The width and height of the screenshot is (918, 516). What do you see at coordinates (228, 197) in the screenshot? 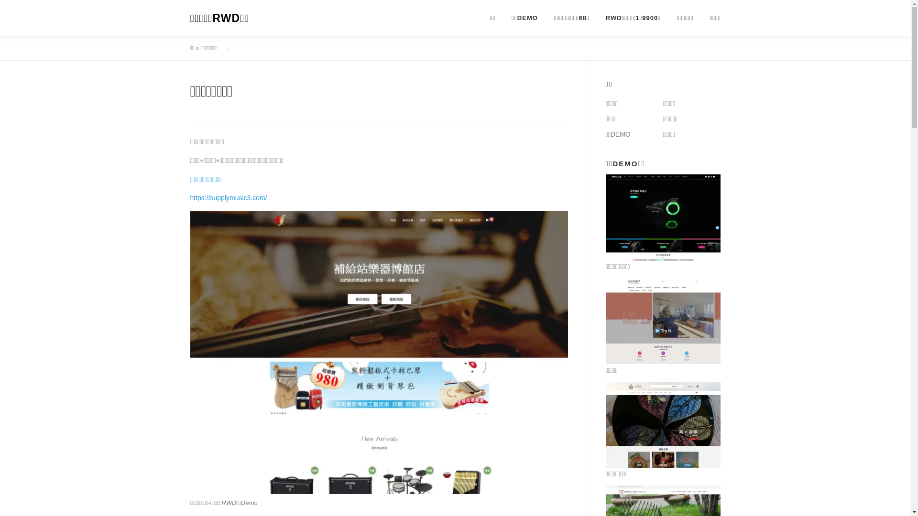
I see `'https://supplymusic3.com/'` at bounding box center [228, 197].